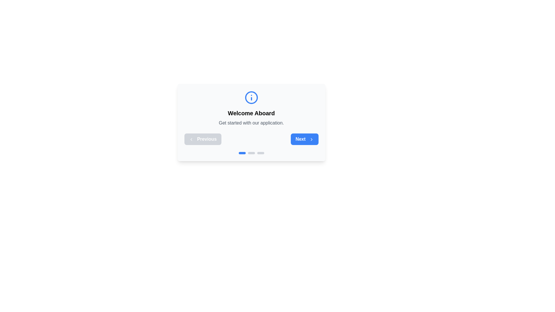 The width and height of the screenshot is (555, 312). I want to click on the right-oriented chevron icon that is part of the 'Next' button, which is styled with a modern, thin stroke and rounded edges, rendered in white against a blue background, so click(311, 139).